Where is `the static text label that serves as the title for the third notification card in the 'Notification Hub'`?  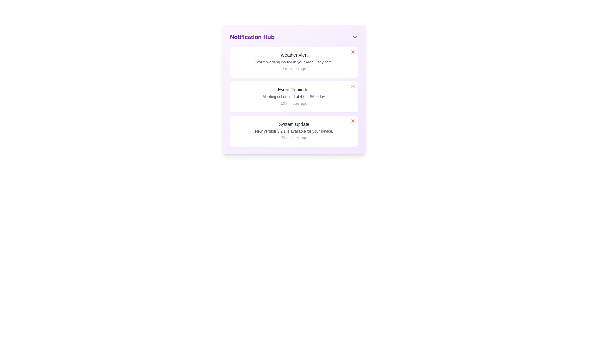 the static text label that serves as the title for the third notification card in the 'Notification Hub' is located at coordinates (293, 124).